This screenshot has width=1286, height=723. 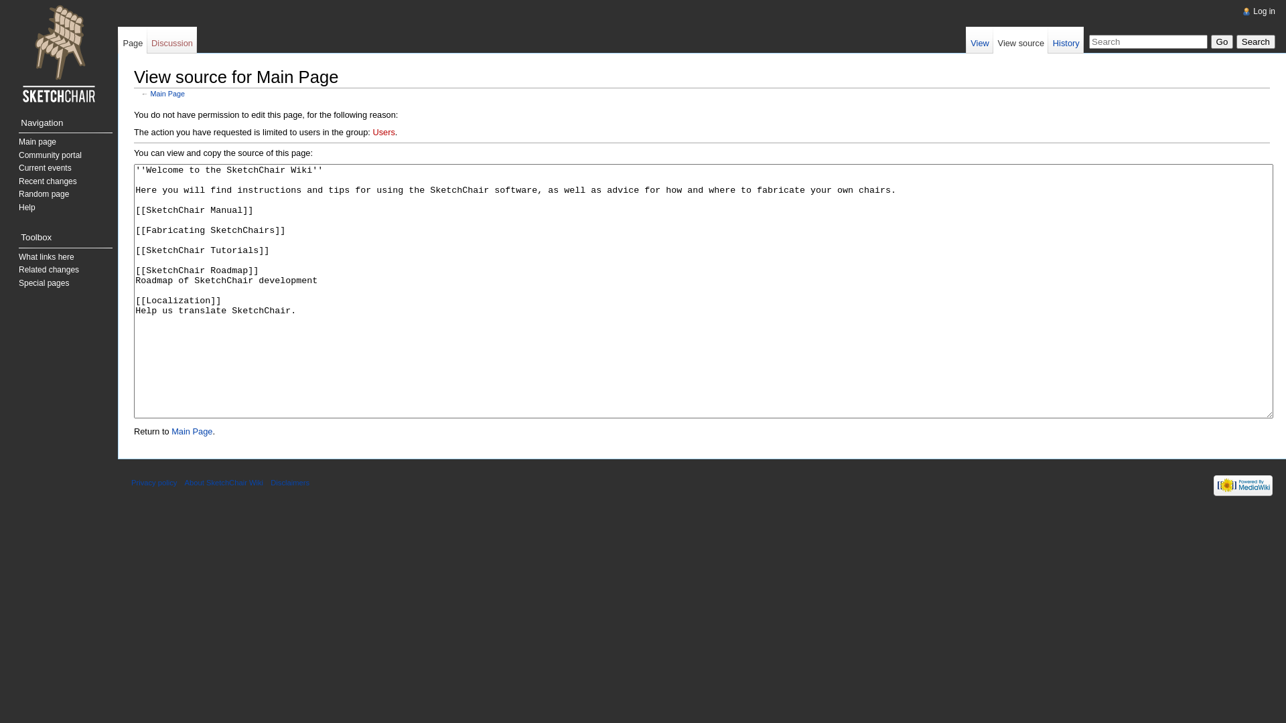 What do you see at coordinates (19, 207) in the screenshot?
I see `'Help'` at bounding box center [19, 207].